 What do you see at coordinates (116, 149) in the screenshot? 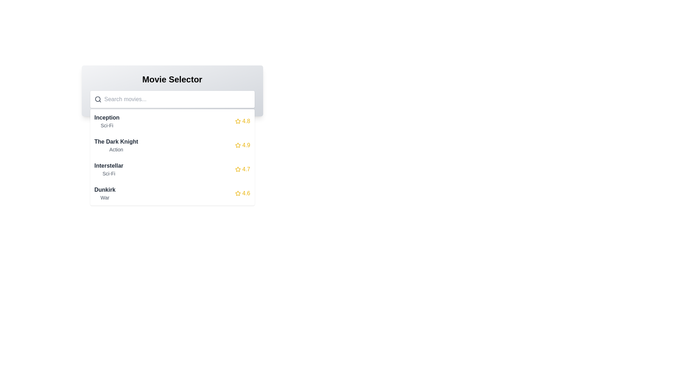
I see `the text label describing the genre of the movie 'The Dark Knight', located below its title in the 'Movie Selector' section` at bounding box center [116, 149].